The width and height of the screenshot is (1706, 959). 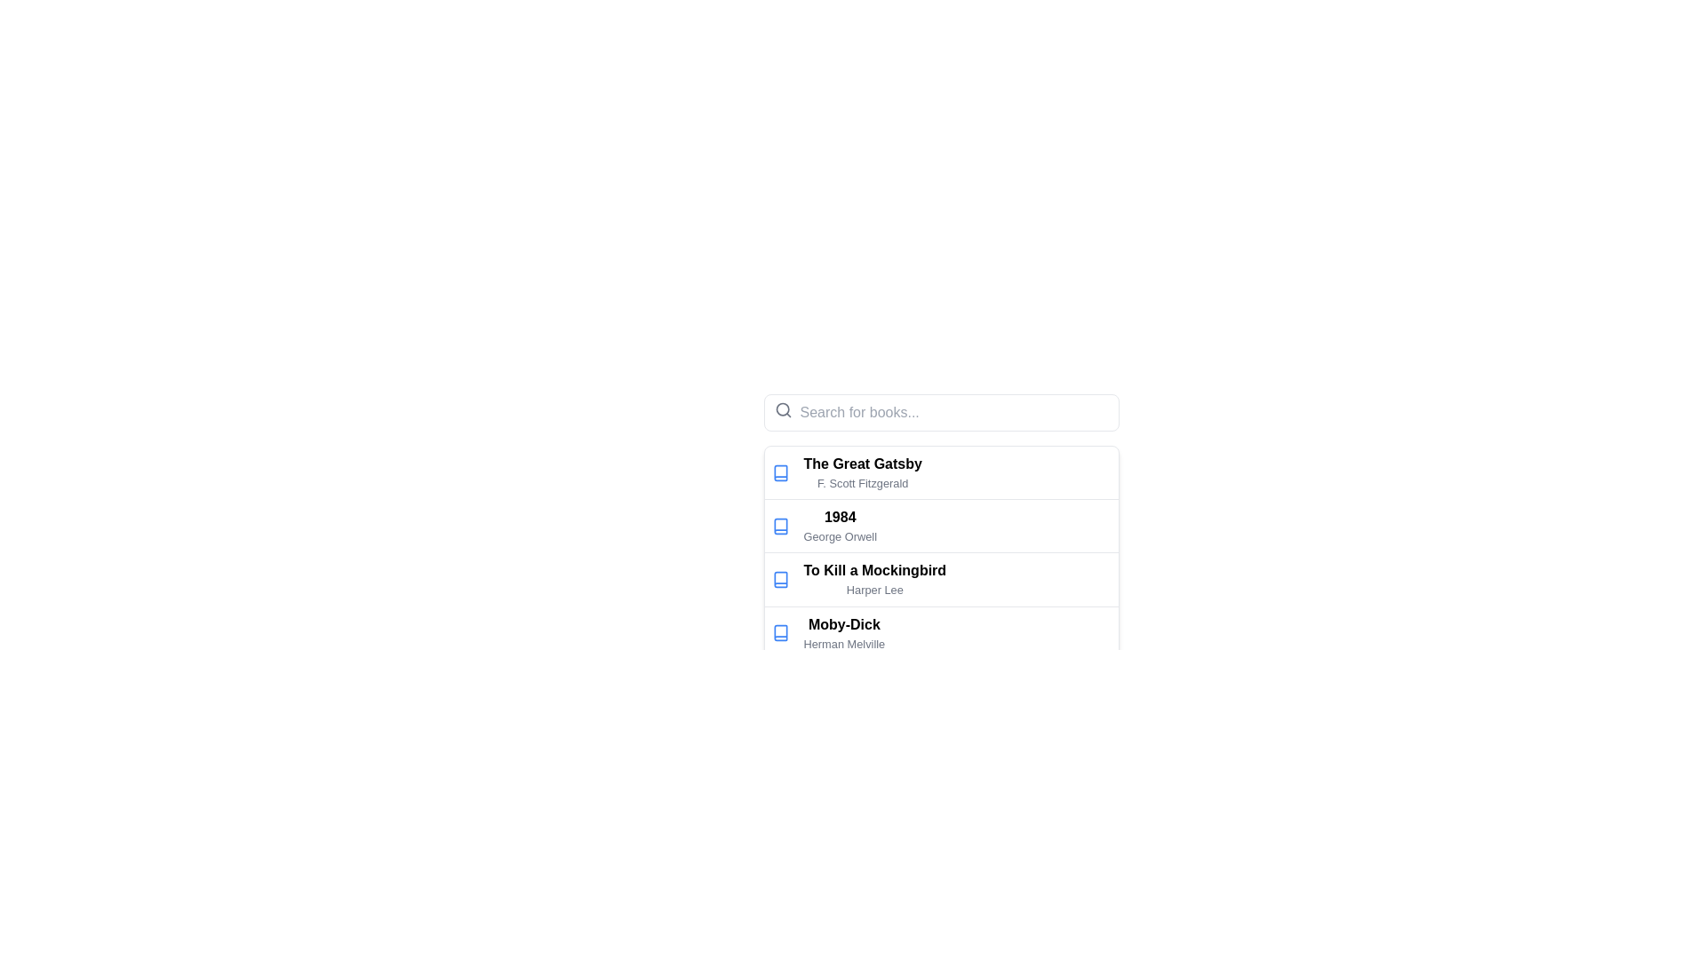 What do you see at coordinates (940, 500) in the screenshot?
I see `the second list item displaying detailed information for a specific book title, which shows its name and author` at bounding box center [940, 500].